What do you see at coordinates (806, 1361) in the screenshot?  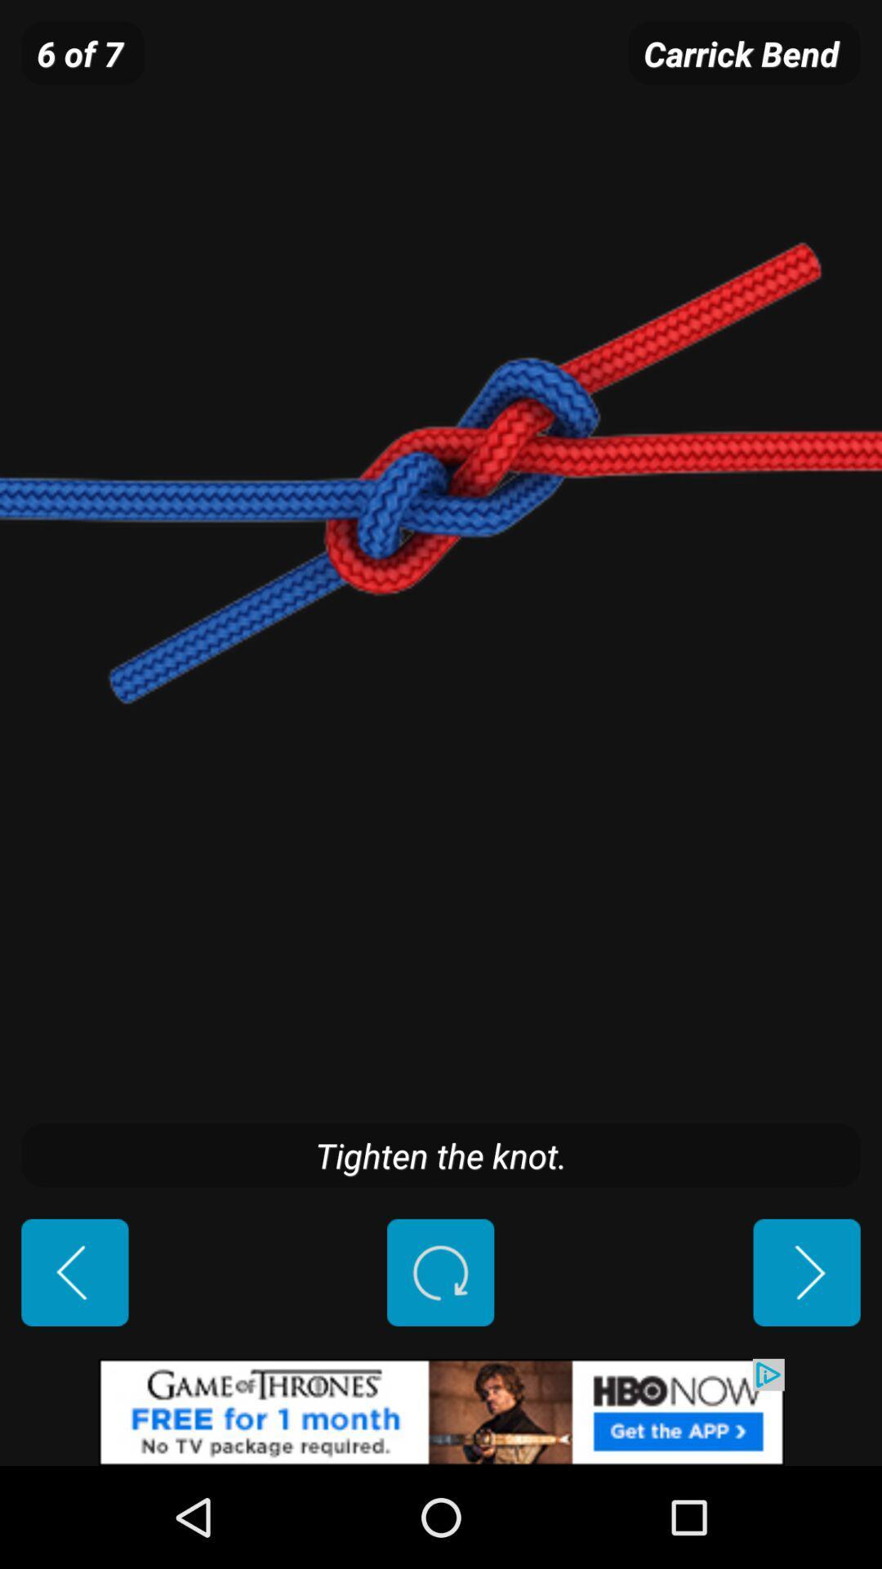 I see `the arrow_forward icon` at bounding box center [806, 1361].